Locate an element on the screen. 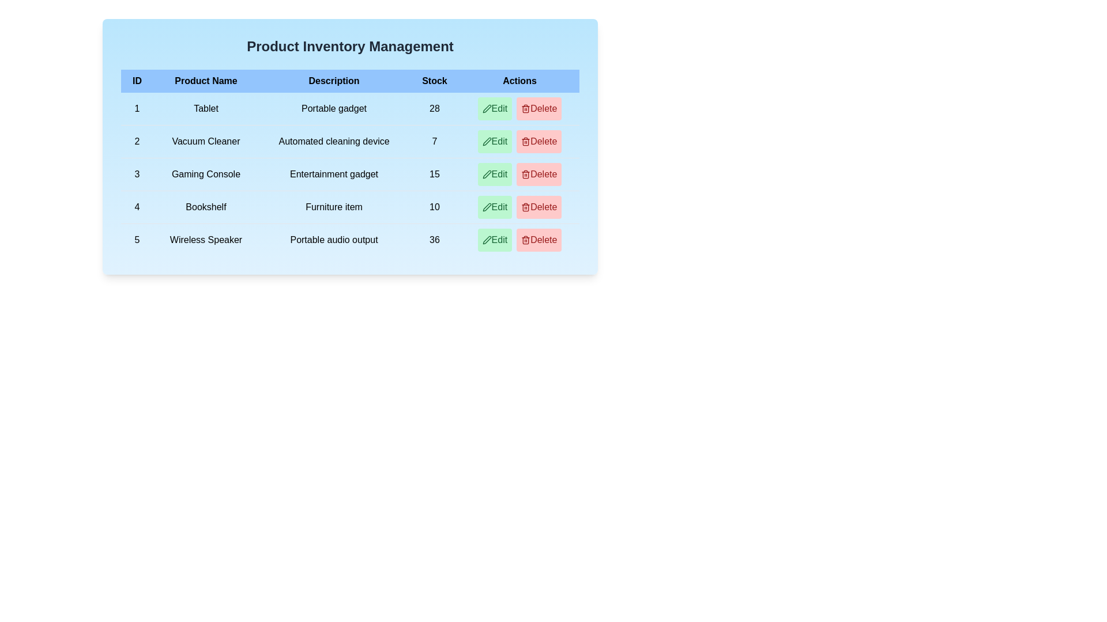 This screenshot has width=1107, height=622. the 'Delete' button with a red background and a trash can icon, located in the second row of the 'Actions' column, to observe hover effects is located at coordinates (539, 141).